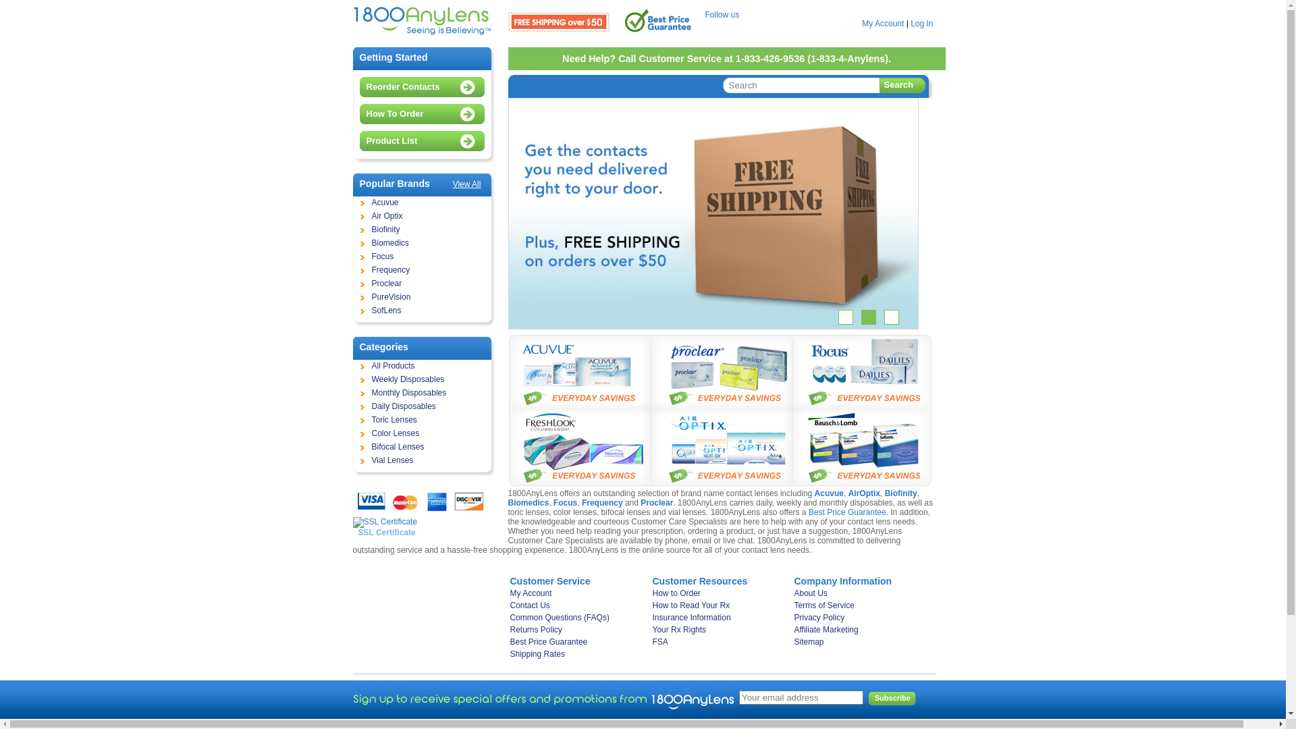 The image size is (1296, 729). What do you see at coordinates (891, 317) in the screenshot?
I see `'3'` at bounding box center [891, 317].